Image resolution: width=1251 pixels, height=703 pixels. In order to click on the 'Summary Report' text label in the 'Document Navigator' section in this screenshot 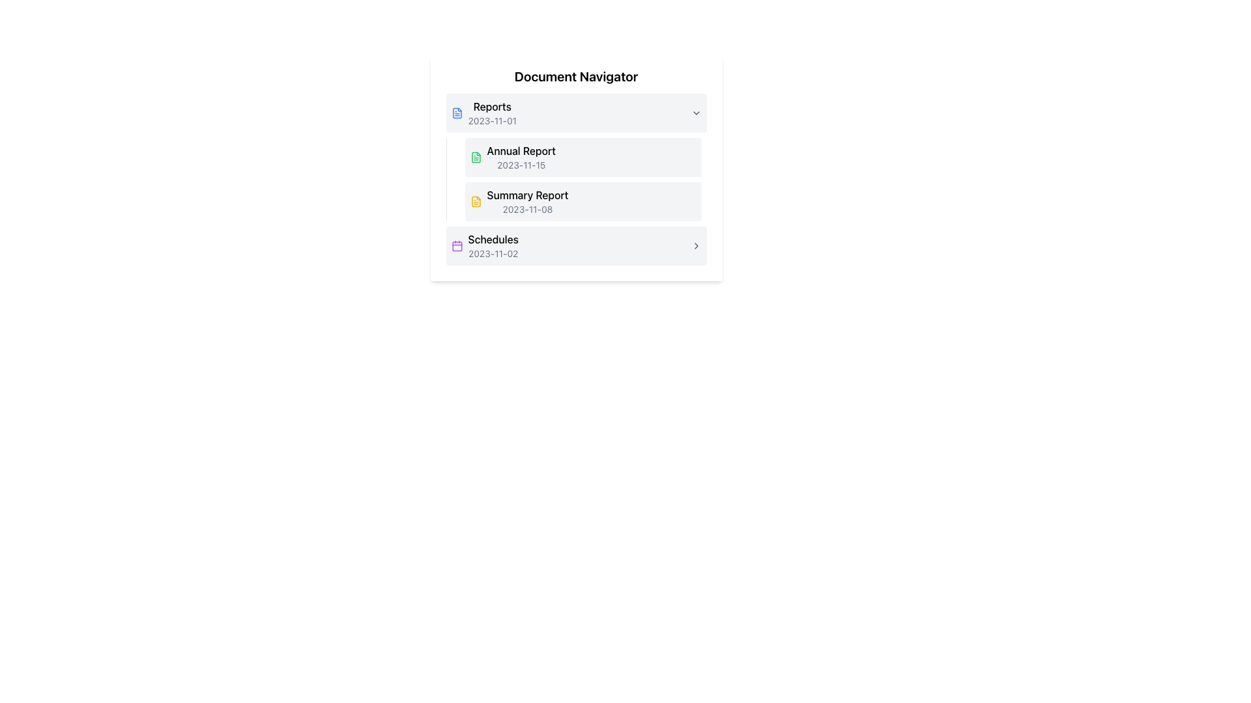, I will do `click(527, 195)`.